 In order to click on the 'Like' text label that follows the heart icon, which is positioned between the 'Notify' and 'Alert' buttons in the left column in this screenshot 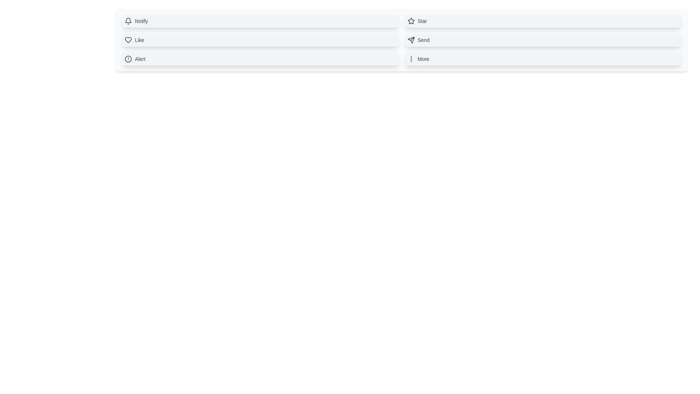, I will do `click(139, 40)`.